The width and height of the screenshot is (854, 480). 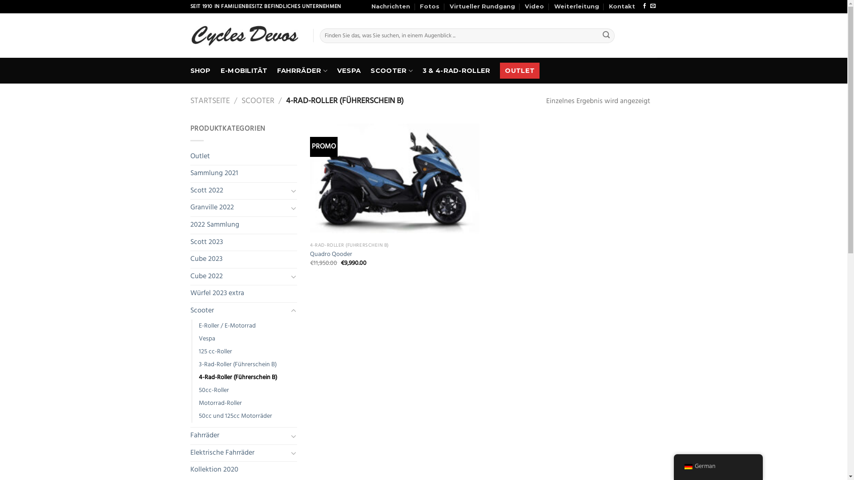 I want to click on 'Vespa', so click(x=206, y=339).